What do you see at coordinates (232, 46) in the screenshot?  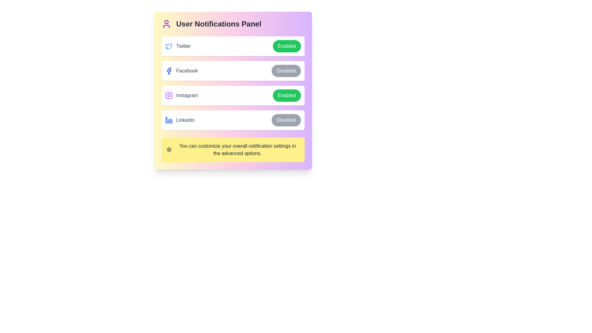 I see `the toggle button for notifications in the Twitter settings list` at bounding box center [232, 46].